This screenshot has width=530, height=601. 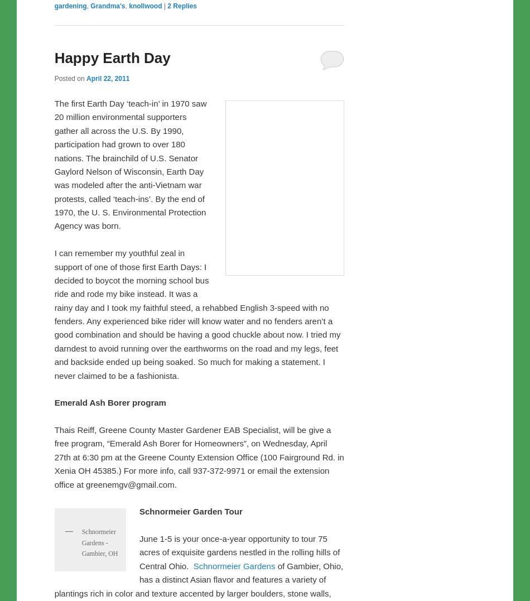 What do you see at coordinates (69, 201) in the screenshot?
I see `'Loading...'` at bounding box center [69, 201].